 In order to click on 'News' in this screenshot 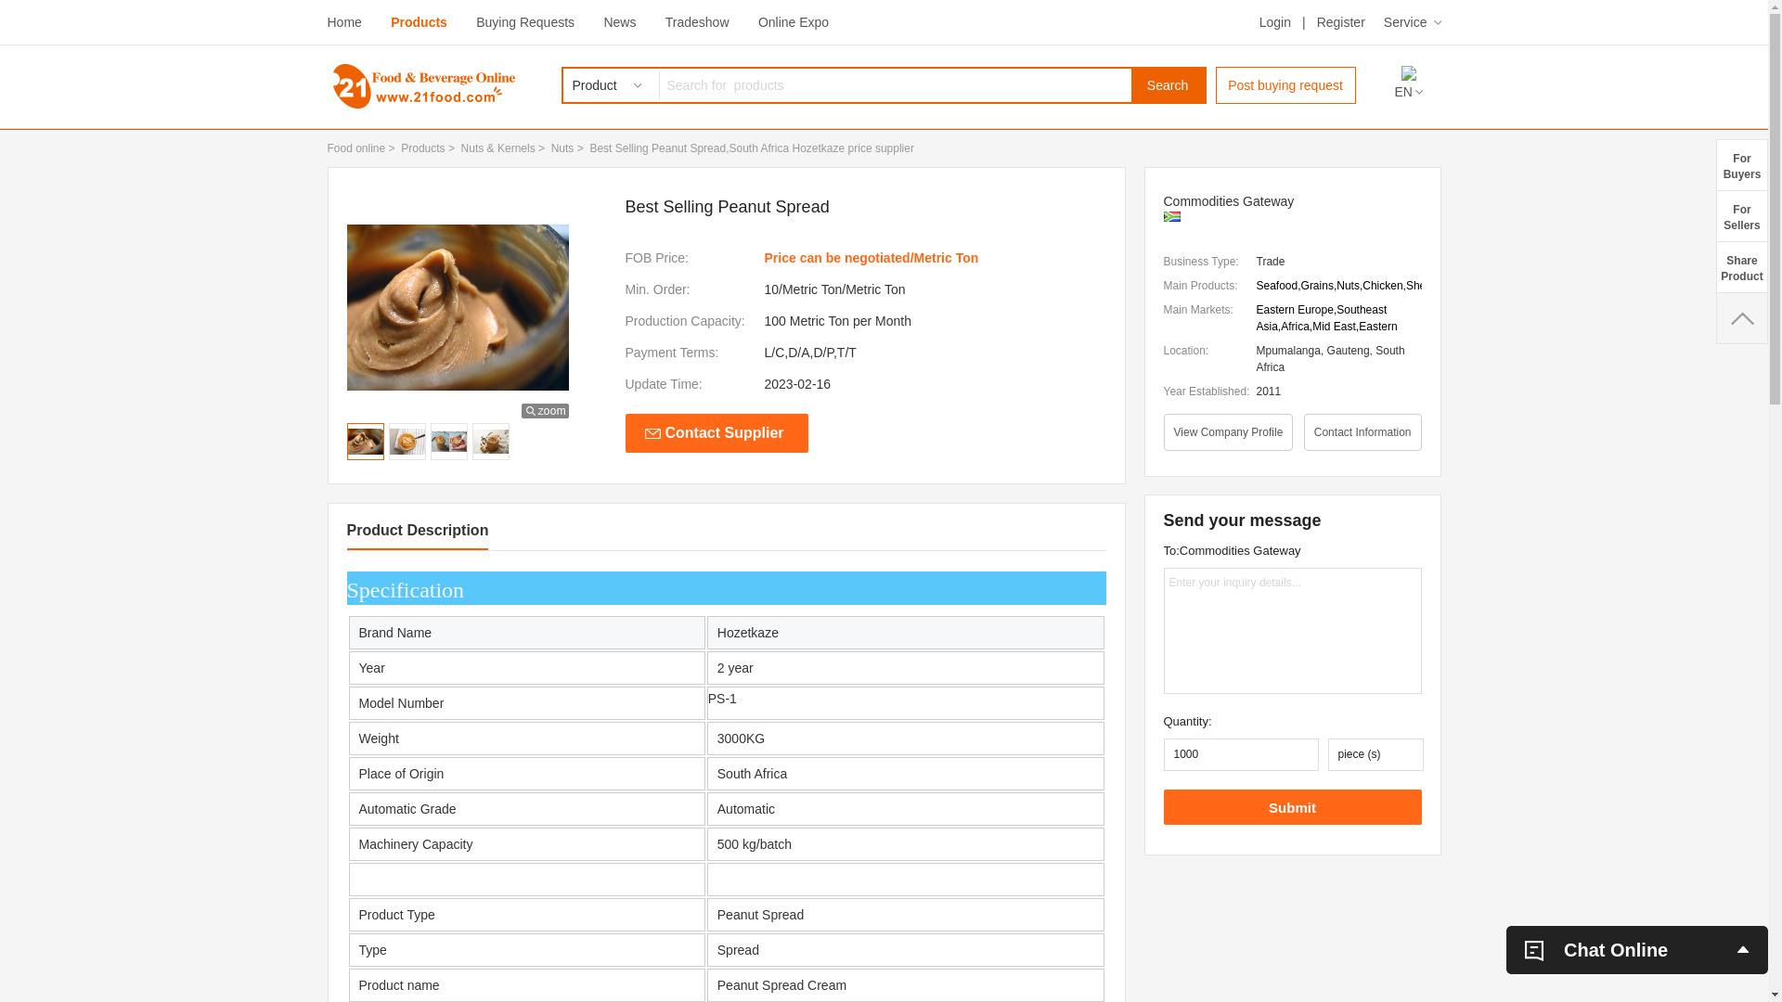, I will do `click(602, 21)`.